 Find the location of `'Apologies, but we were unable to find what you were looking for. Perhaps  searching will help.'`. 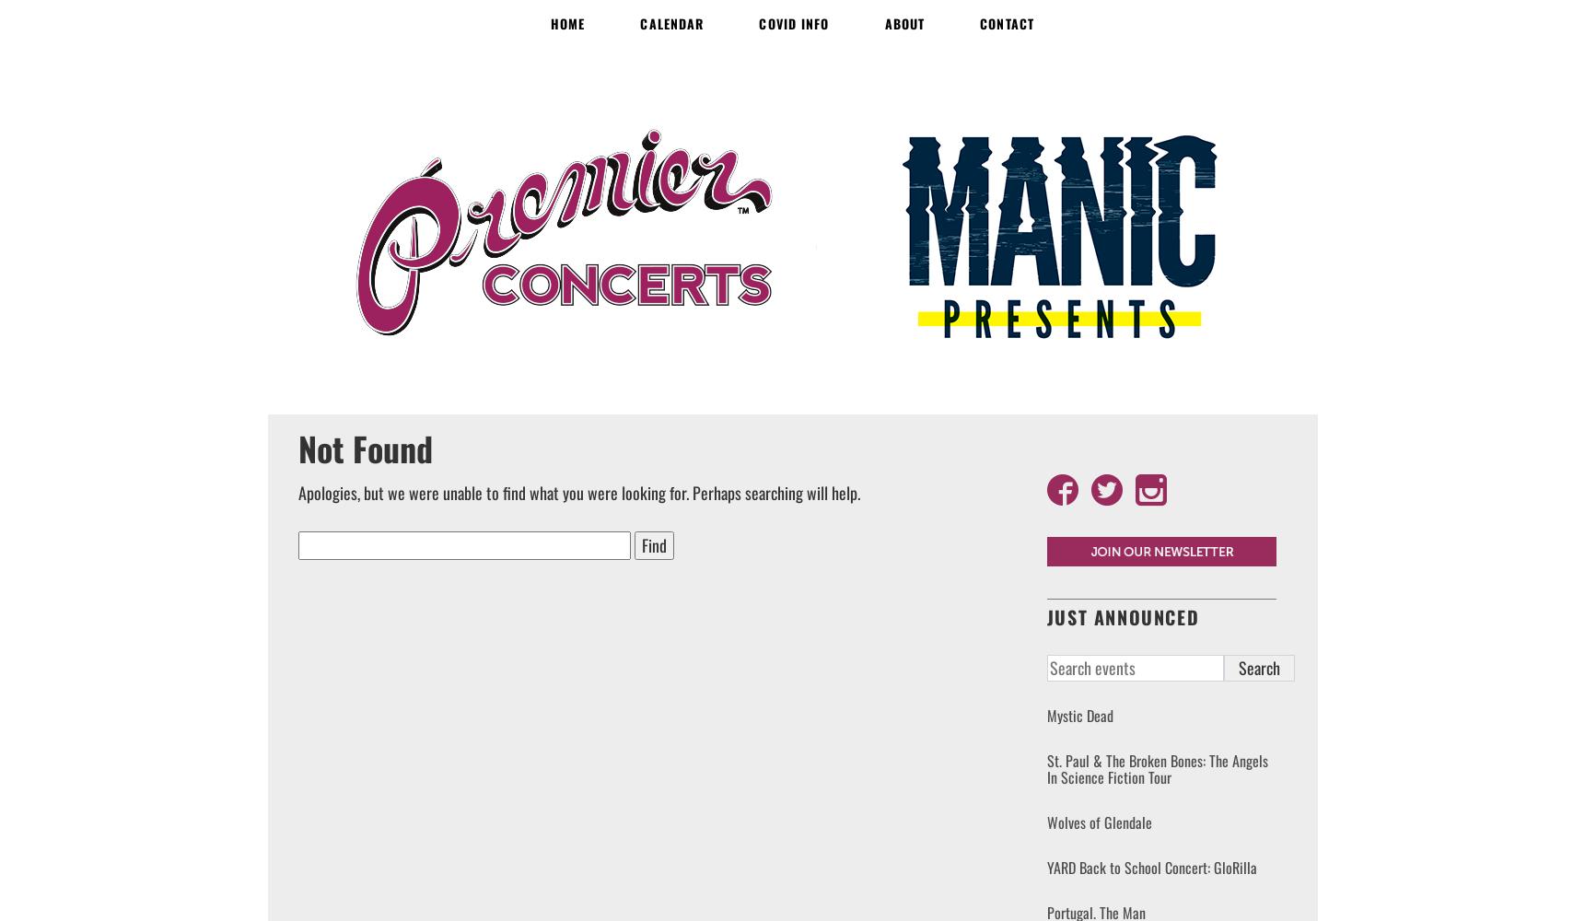

'Apologies, but we were unable to find what you were looking for. Perhaps  searching will help.' is located at coordinates (297, 493).